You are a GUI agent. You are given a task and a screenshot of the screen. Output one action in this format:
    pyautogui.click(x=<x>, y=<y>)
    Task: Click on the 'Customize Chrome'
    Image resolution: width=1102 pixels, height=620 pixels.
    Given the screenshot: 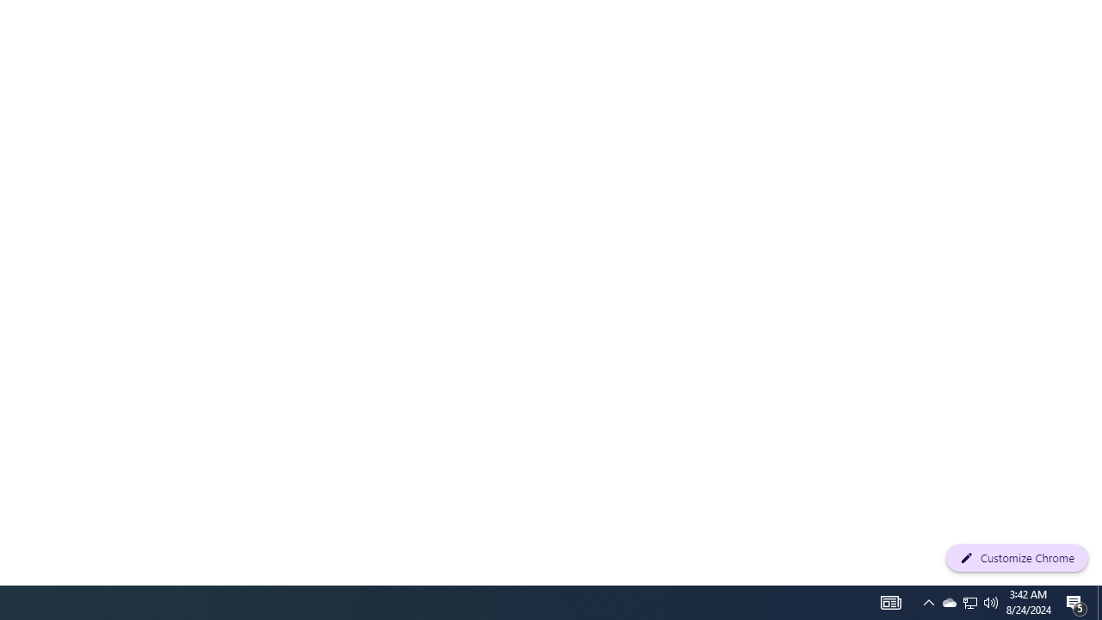 What is the action you would take?
    pyautogui.click(x=1017, y=558)
    